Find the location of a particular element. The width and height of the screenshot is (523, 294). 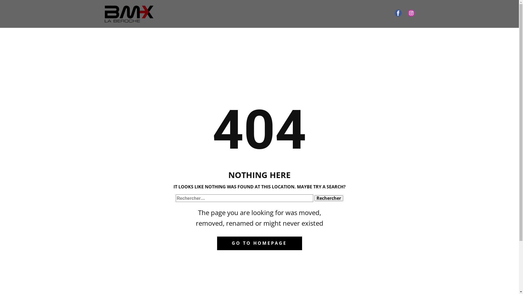

'Accueil' is located at coordinates (104, 14).